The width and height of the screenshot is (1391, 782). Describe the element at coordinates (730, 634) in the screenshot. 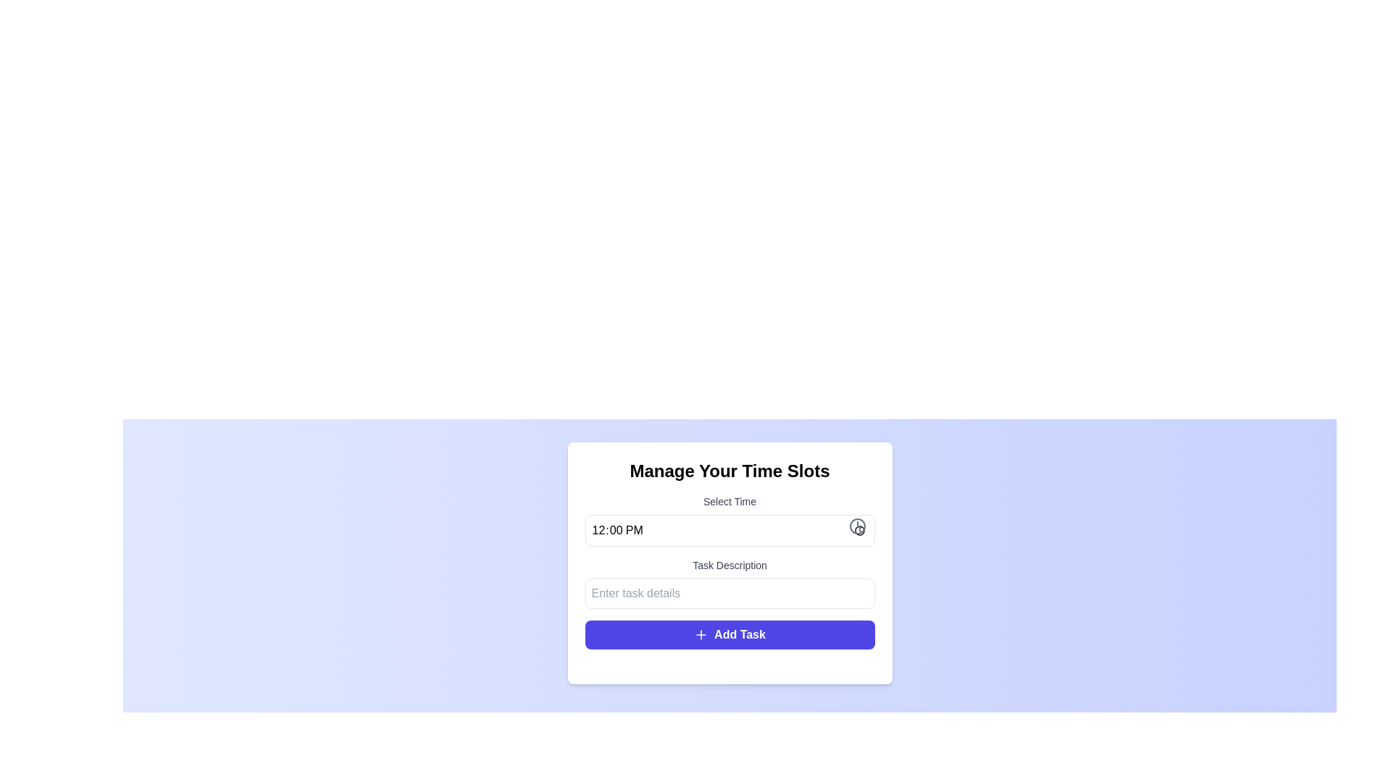

I see `the 'Add Task' button located at the bottom of the 'Manage Your Time Slots' panel` at that location.